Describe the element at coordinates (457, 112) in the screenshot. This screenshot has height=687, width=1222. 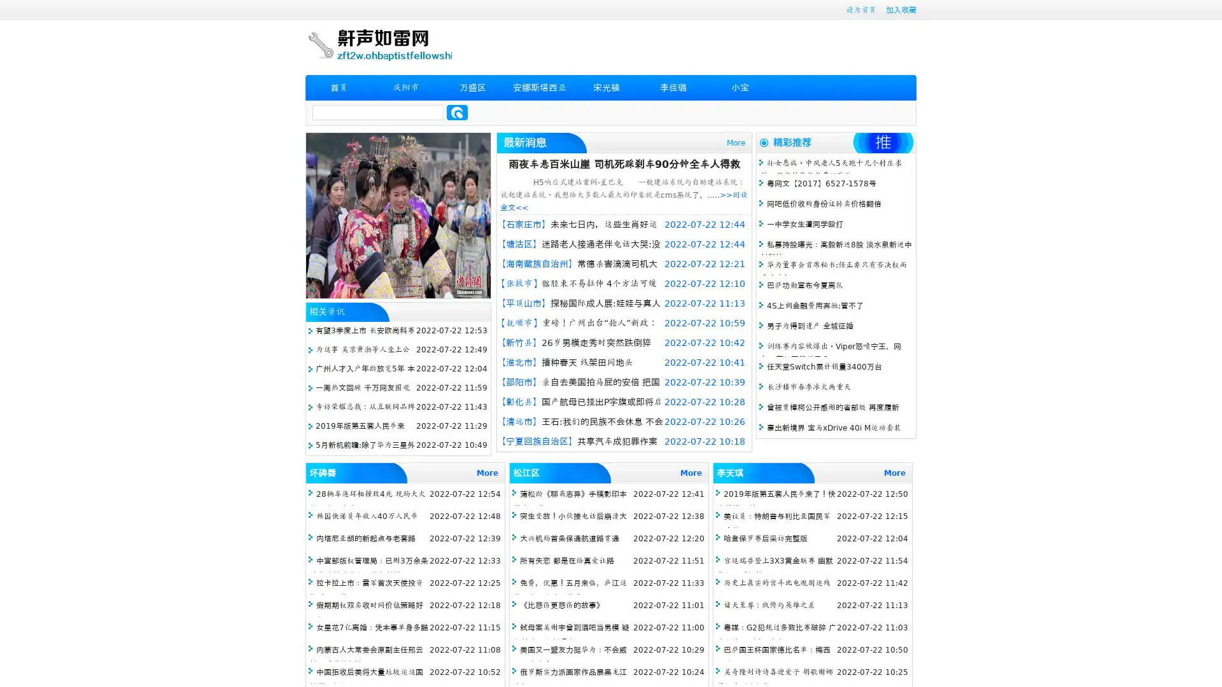
I see `Search` at that location.